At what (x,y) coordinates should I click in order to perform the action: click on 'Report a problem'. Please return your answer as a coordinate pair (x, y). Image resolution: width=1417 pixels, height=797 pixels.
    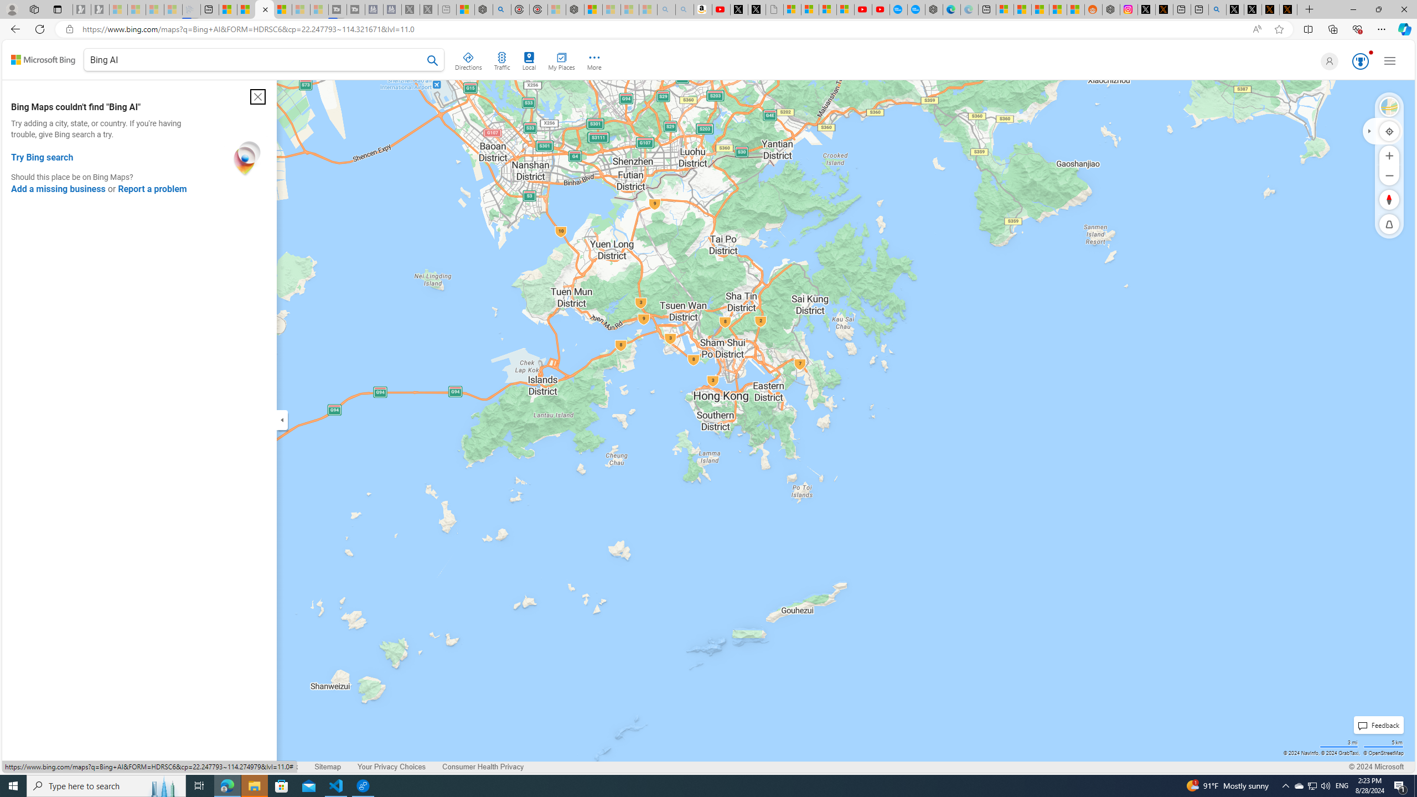
    Looking at the image, I should click on (152, 189).